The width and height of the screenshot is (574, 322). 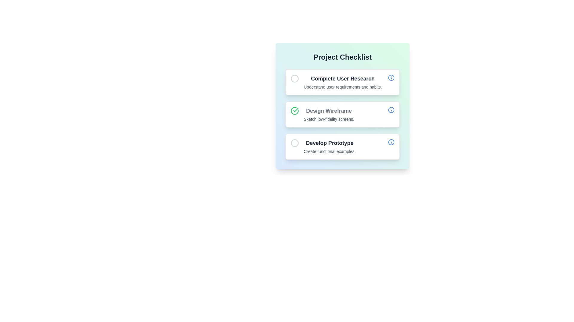 What do you see at coordinates (329, 151) in the screenshot?
I see `the Text label containing the text 'Create functional examples.' which is styled in small, gray-colored font and located below the header 'Develop Prototype' in the Project Checklist section` at bounding box center [329, 151].